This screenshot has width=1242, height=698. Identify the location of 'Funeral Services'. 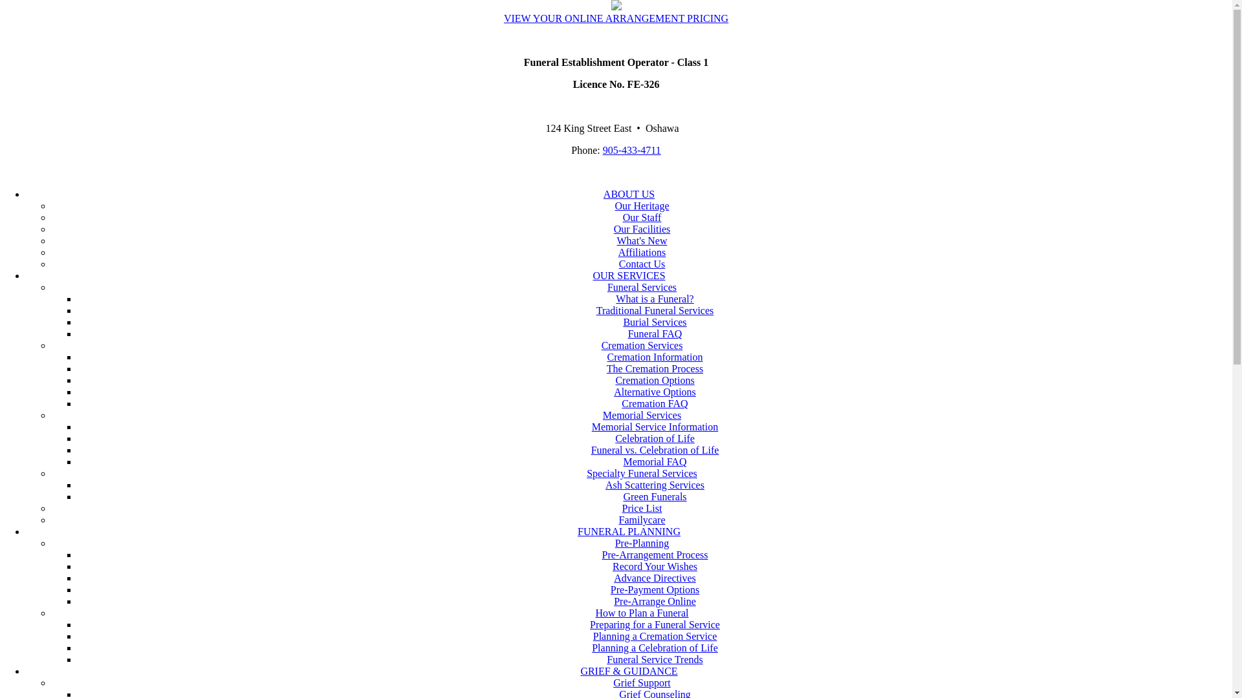
(642, 286).